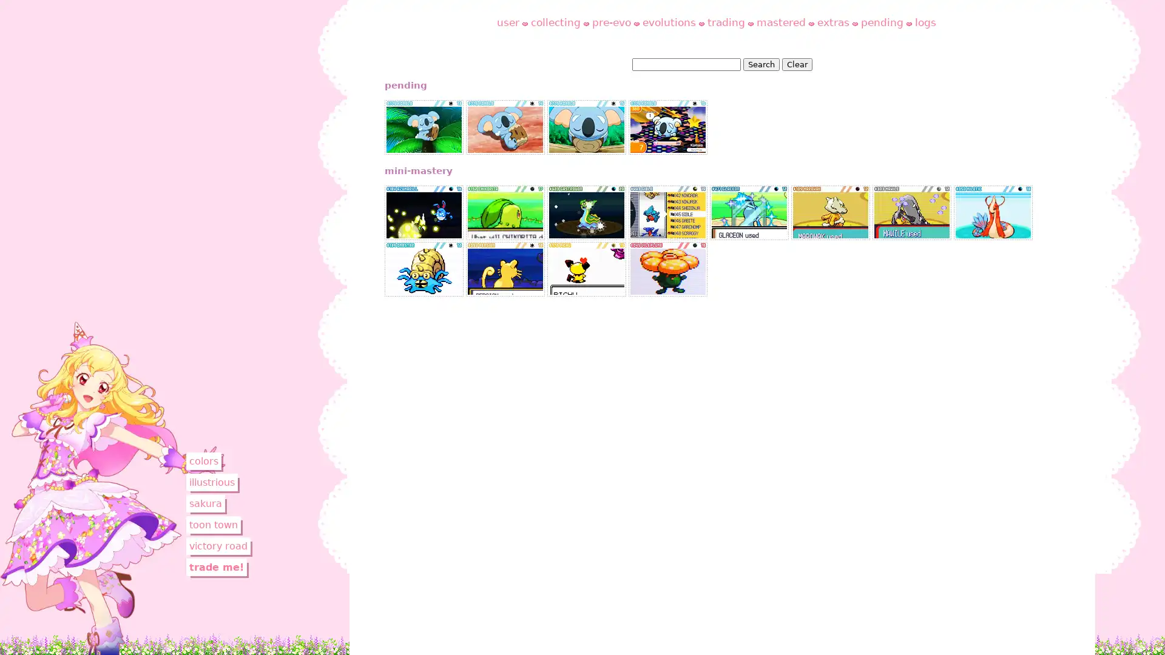  I want to click on Clear, so click(797, 64).